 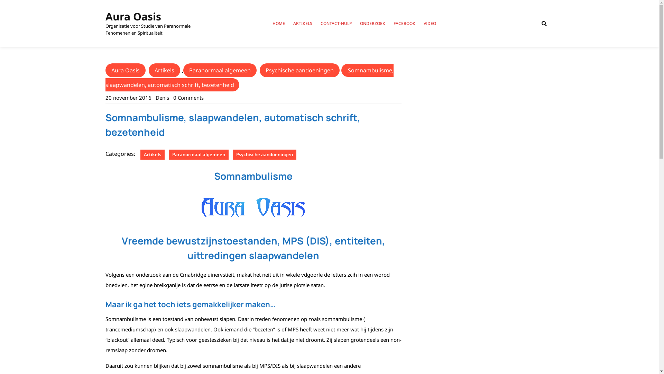 I want to click on 'Artikels', so click(x=152, y=154).